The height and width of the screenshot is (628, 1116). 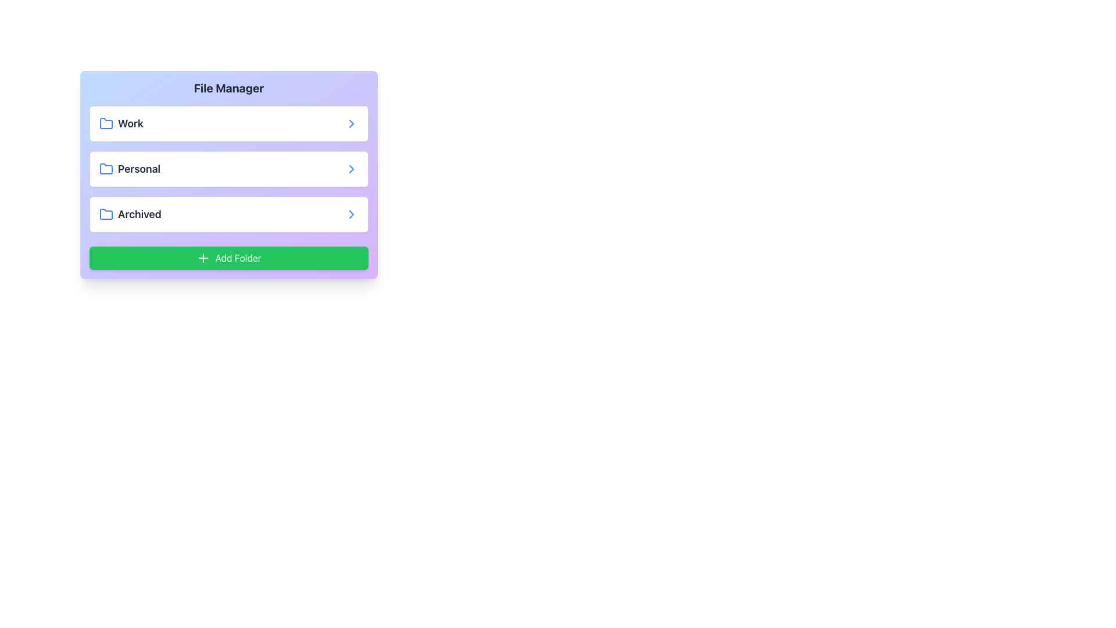 What do you see at coordinates (228, 169) in the screenshot?
I see `the 'Personal' folder representation, which is the second item in the vertical list within the 'File Manager' section, positioned between 'Work' and 'Archived'` at bounding box center [228, 169].